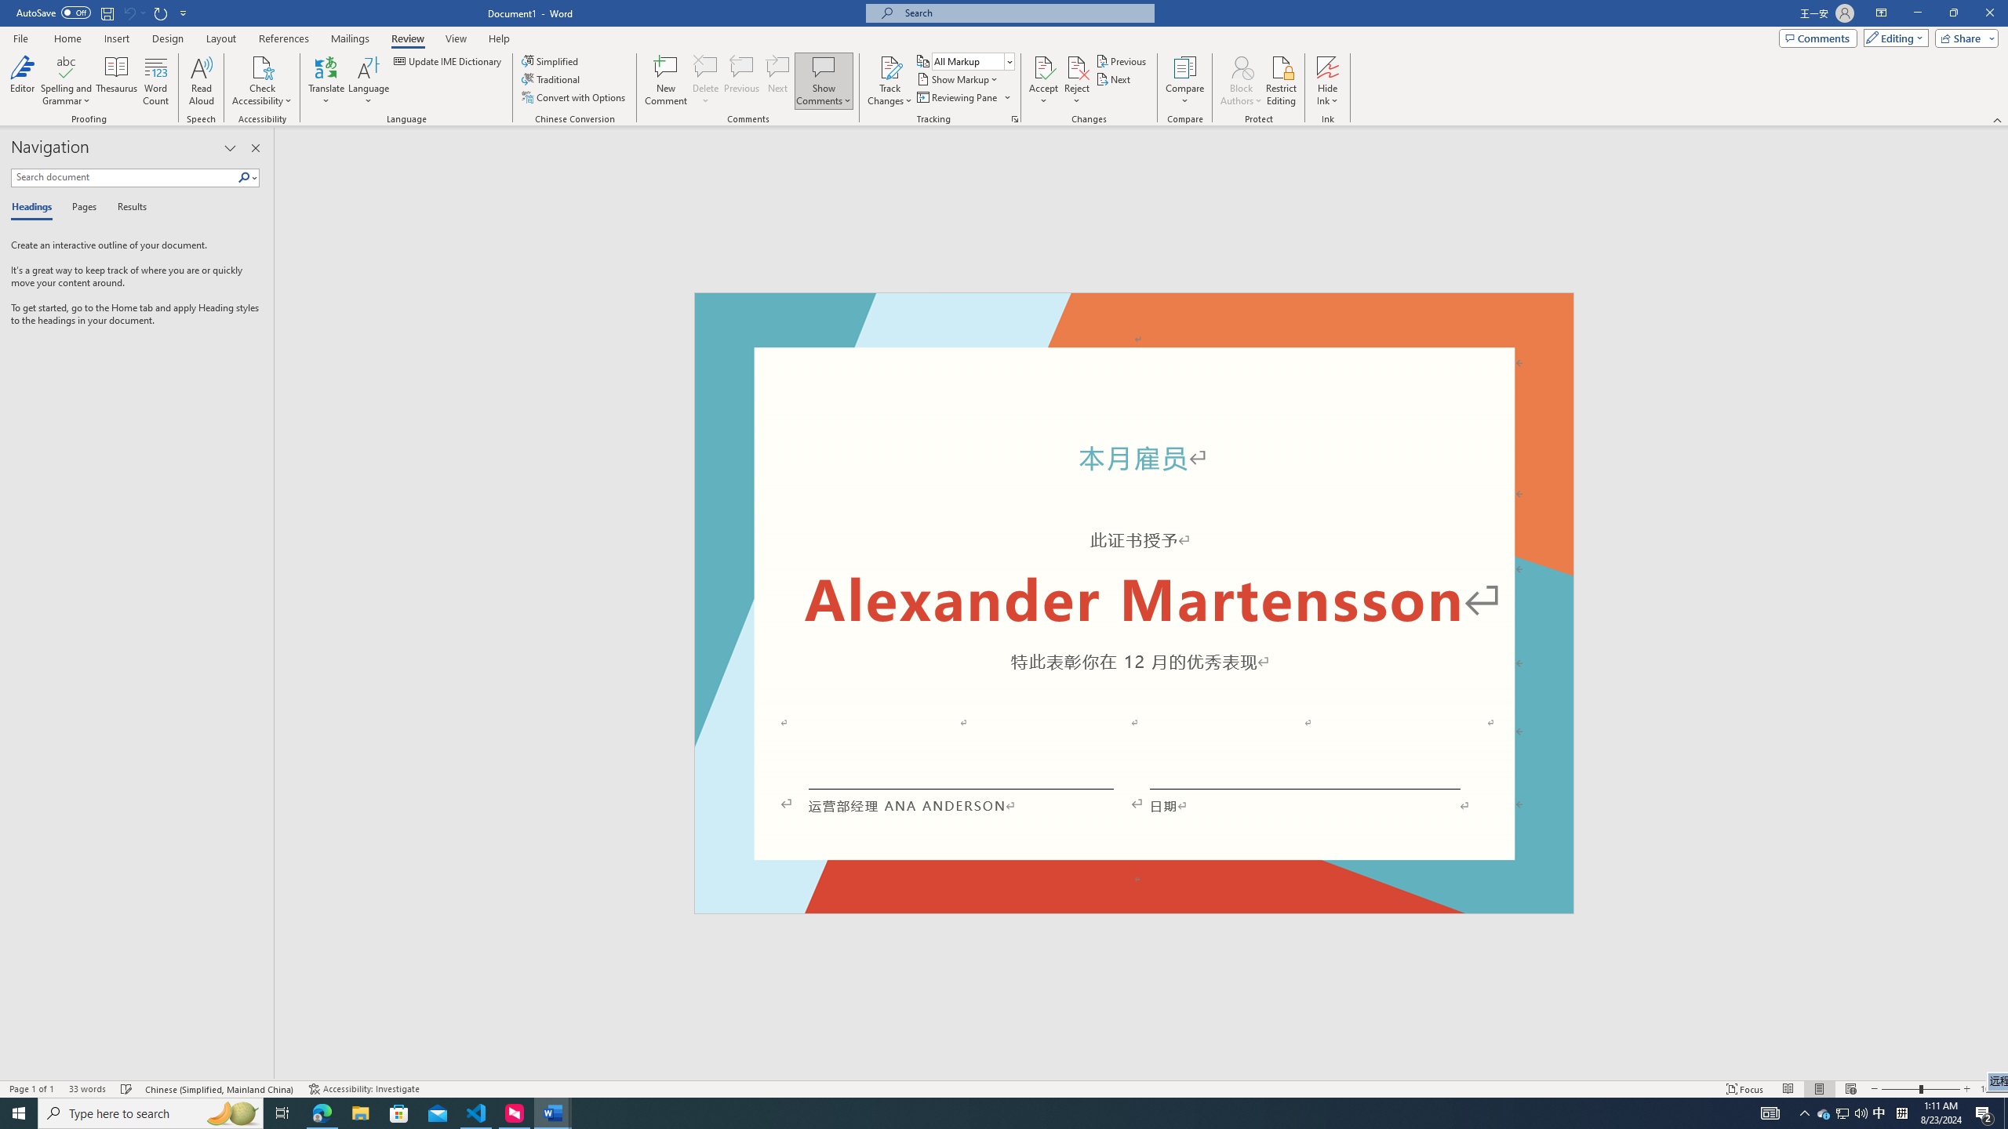 Image resolution: width=2008 pixels, height=1129 pixels. What do you see at coordinates (575, 96) in the screenshot?
I see `'Convert with Options...'` at bounding box center [575, 96].